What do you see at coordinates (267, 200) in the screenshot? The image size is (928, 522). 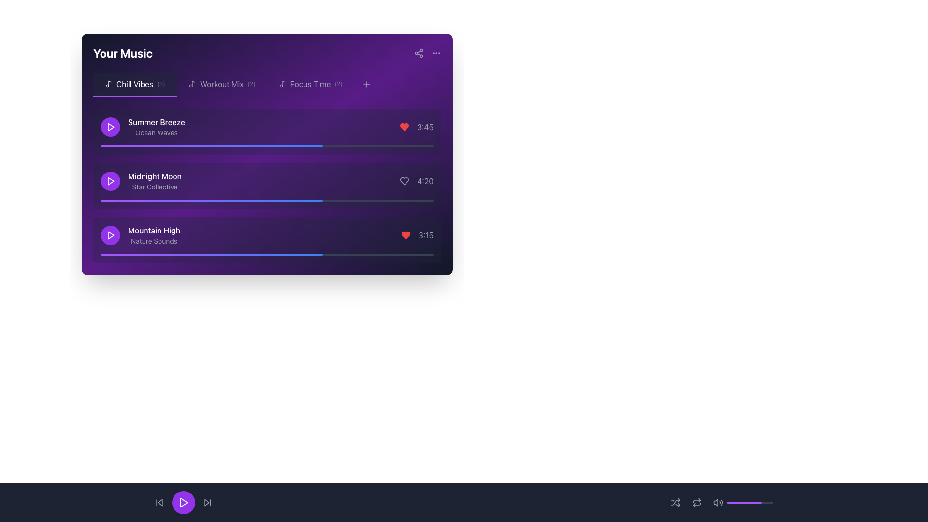 I see `the progress bar indicating the playback status of the song 'Midnight Moon' by 'Star Collective', located in the middle card of the three-song list within the 'Your Music' panel` at bounding box center [267, 200].